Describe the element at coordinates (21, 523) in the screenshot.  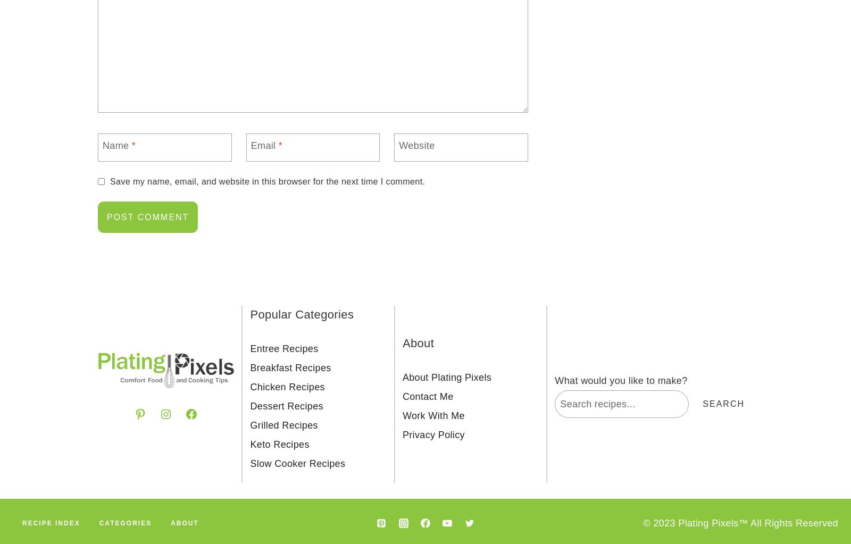
I see `'Recipe Index'` at that location.